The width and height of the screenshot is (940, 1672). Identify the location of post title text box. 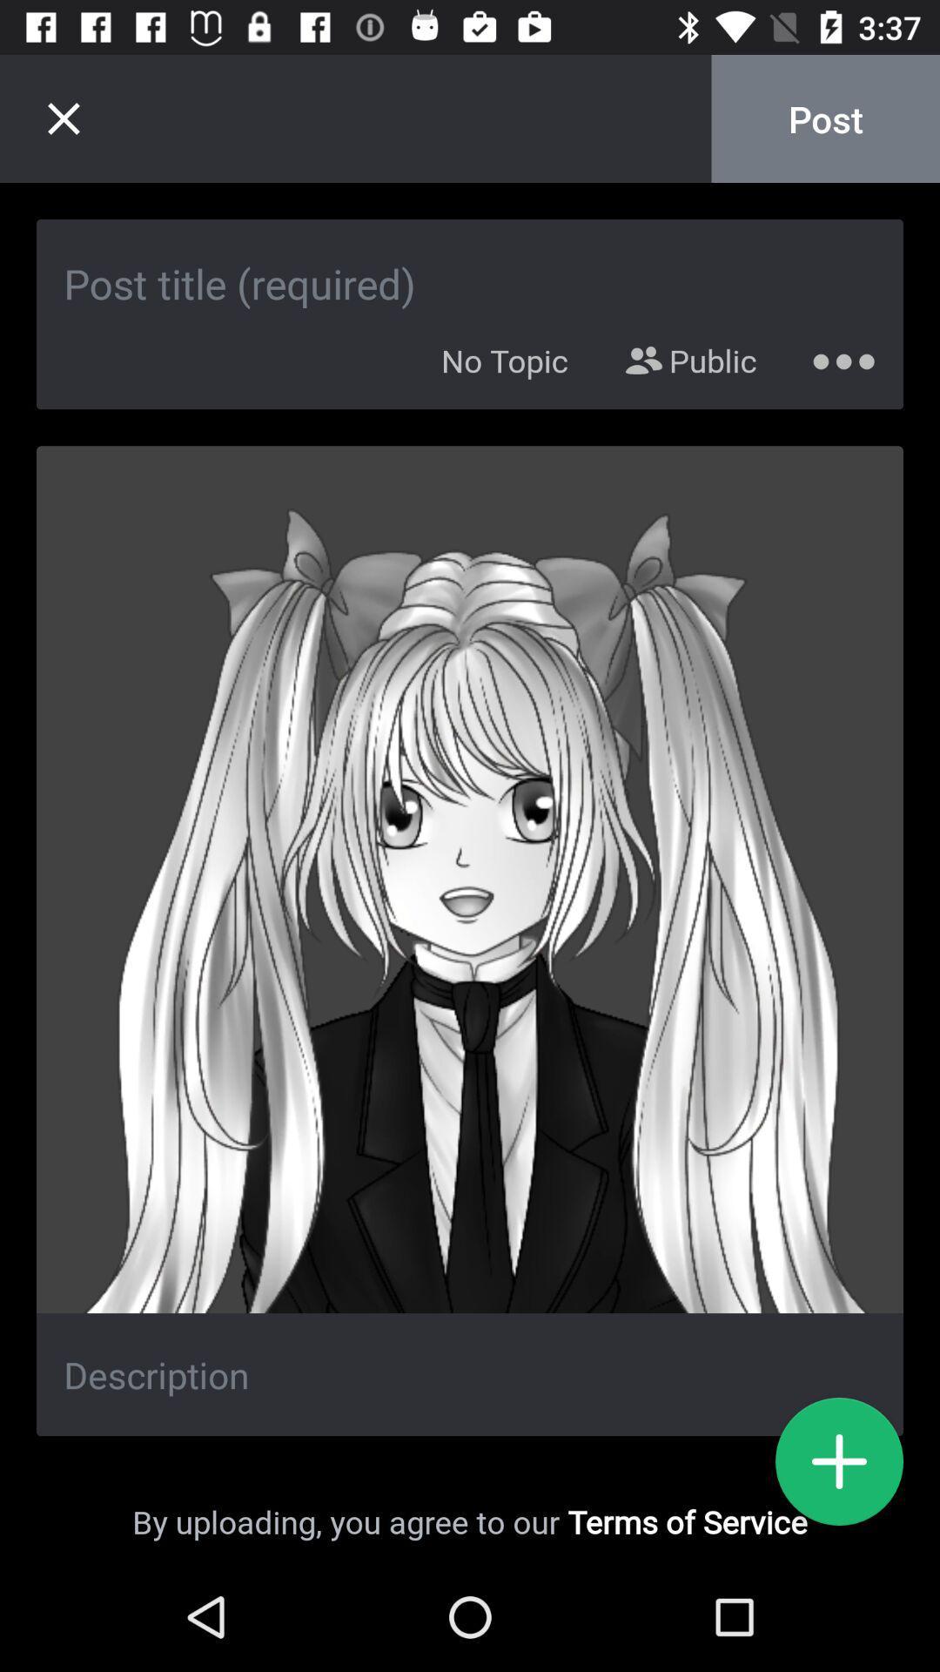
(470, 264).